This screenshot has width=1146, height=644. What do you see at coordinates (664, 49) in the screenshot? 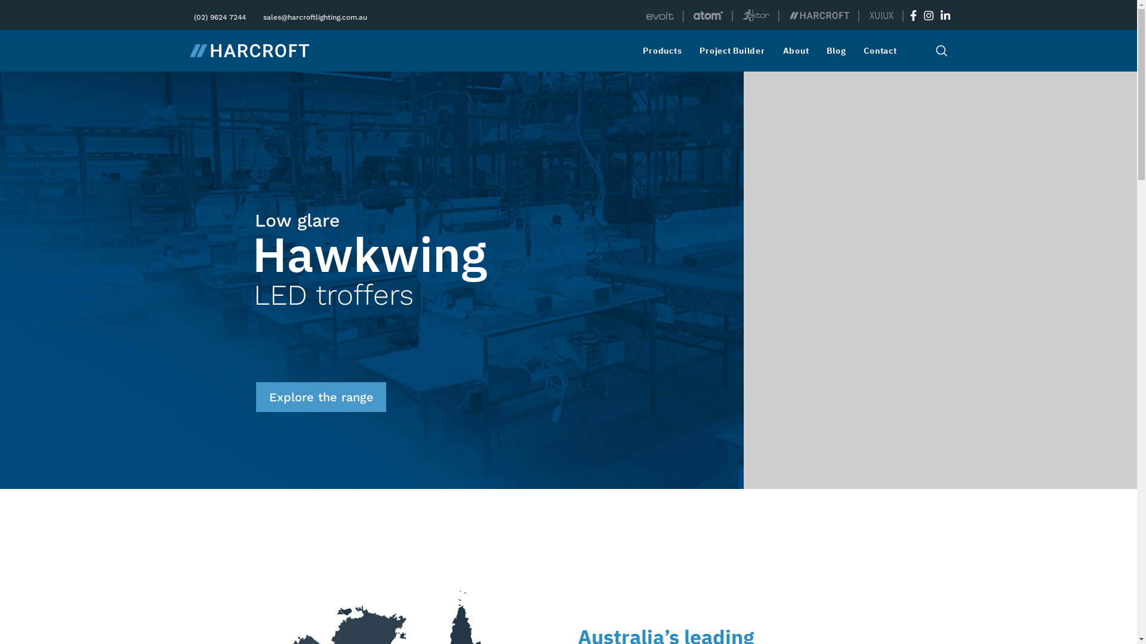
I see `'Products'` at bounding box center [664, 49].